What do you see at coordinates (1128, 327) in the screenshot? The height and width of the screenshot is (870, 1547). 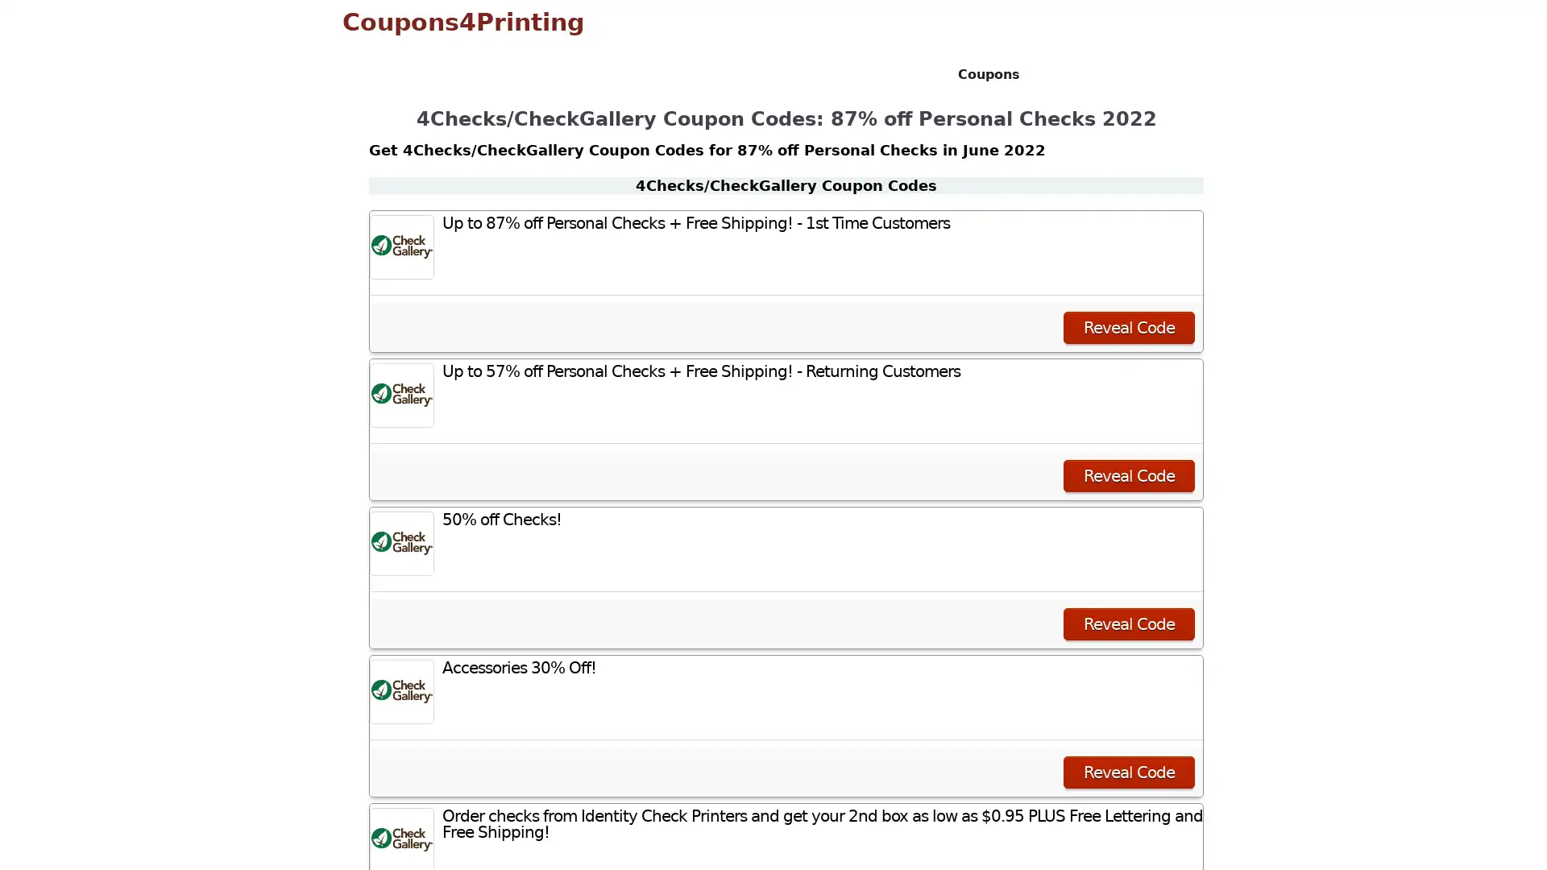 I see `Reveal Code` at bounding box center [1128, 327].